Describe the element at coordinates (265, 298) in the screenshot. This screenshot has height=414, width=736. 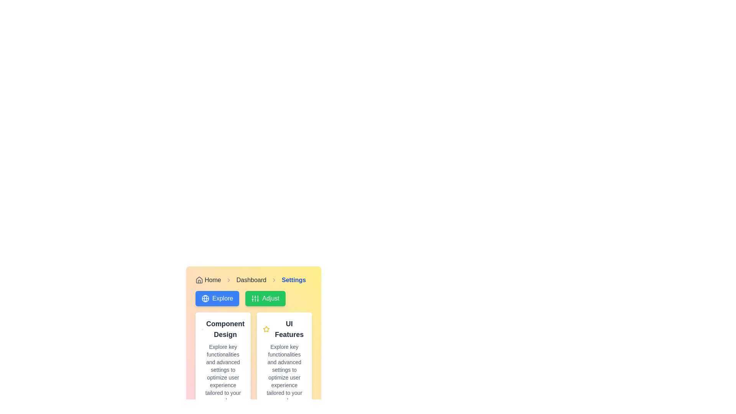
I see `the green rectangular button labeled 'Adjust' located in the top-right area of the toolbar` at that location.